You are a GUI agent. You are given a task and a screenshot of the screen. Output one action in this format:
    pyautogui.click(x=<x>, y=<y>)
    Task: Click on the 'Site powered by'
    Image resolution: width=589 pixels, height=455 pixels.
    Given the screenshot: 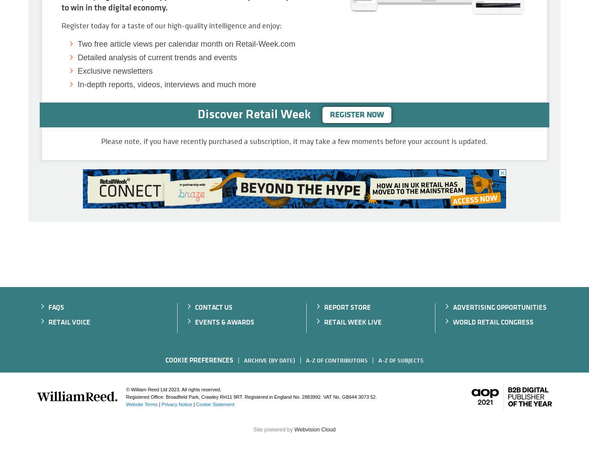 What is the action you would take?
    pyautogui.click(x=273, y=430)
    